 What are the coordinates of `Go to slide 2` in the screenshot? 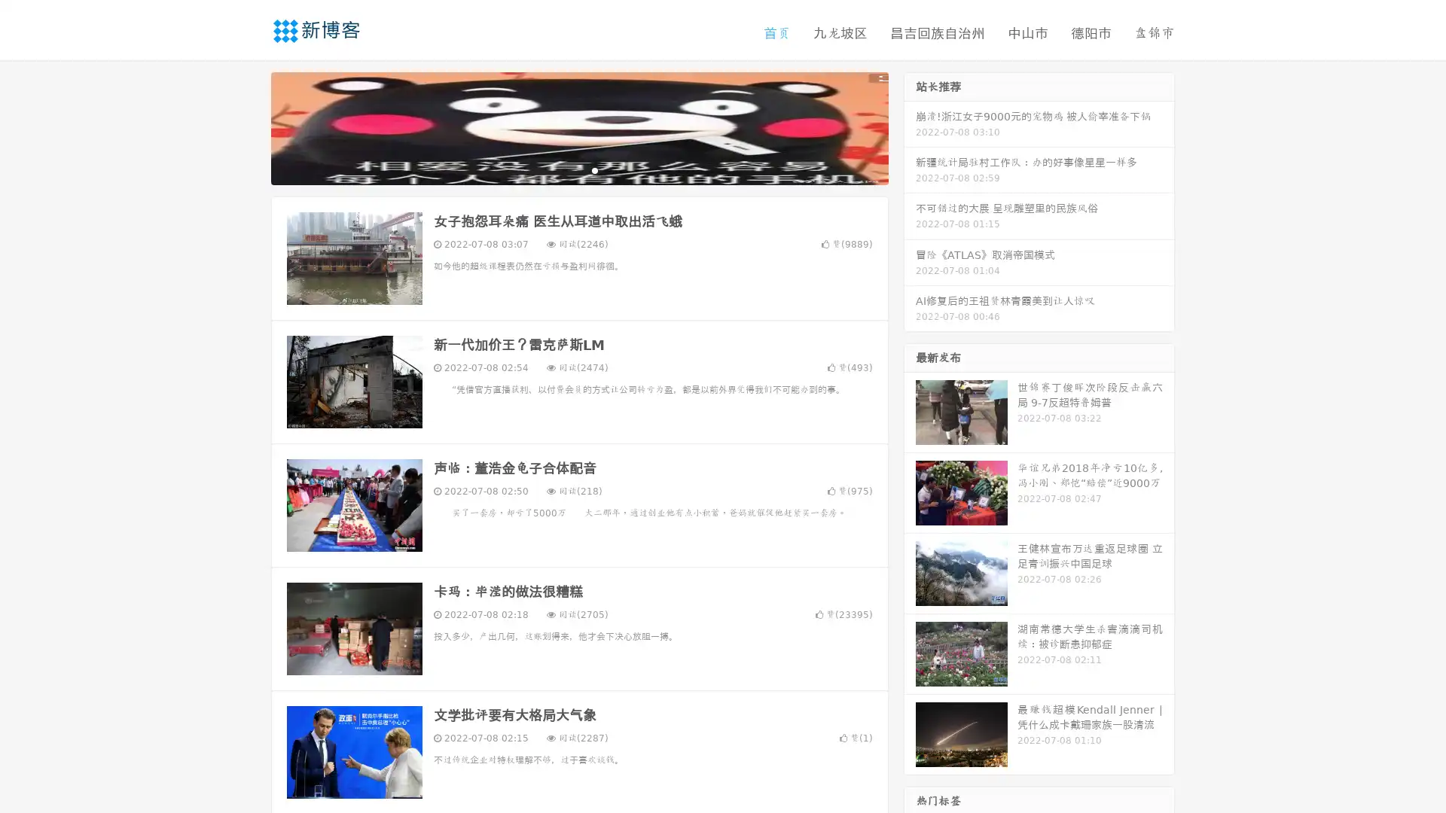 It's located at (578, 169).